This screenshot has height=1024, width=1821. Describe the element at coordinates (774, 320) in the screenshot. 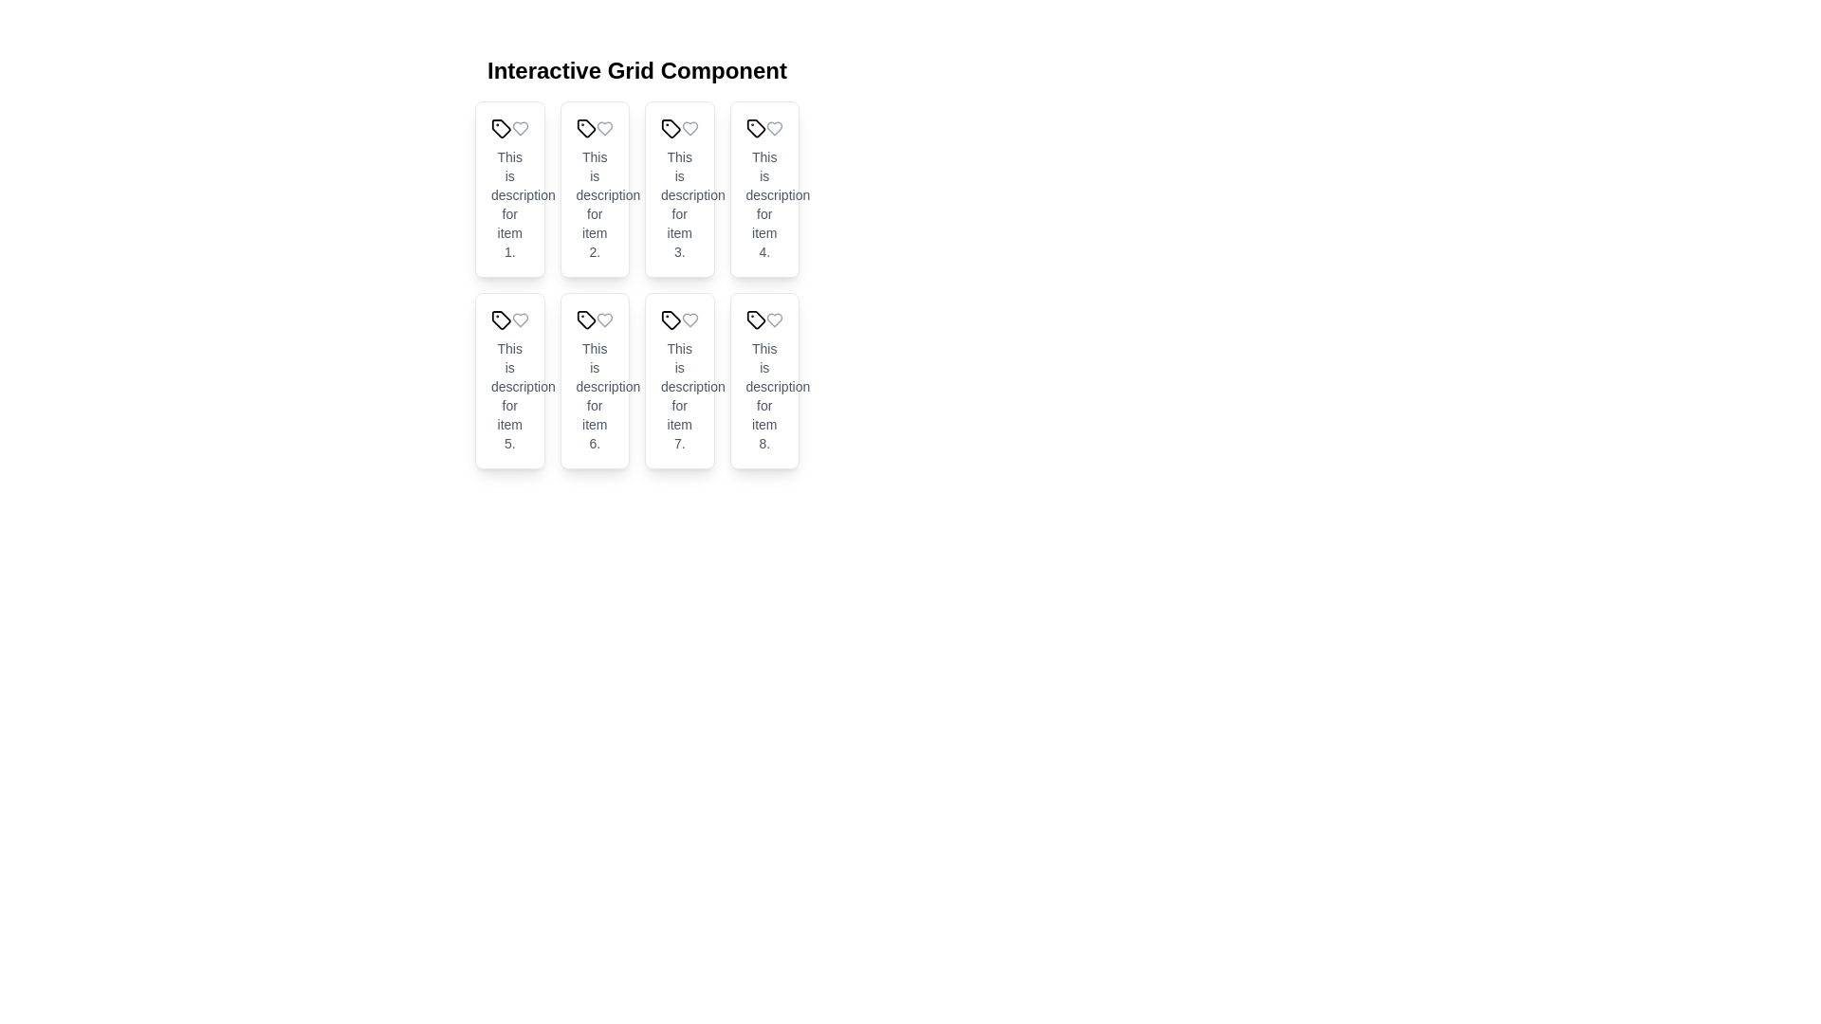

I see `the heart-shaped icon associated with the eighth item in the grid` at that location.